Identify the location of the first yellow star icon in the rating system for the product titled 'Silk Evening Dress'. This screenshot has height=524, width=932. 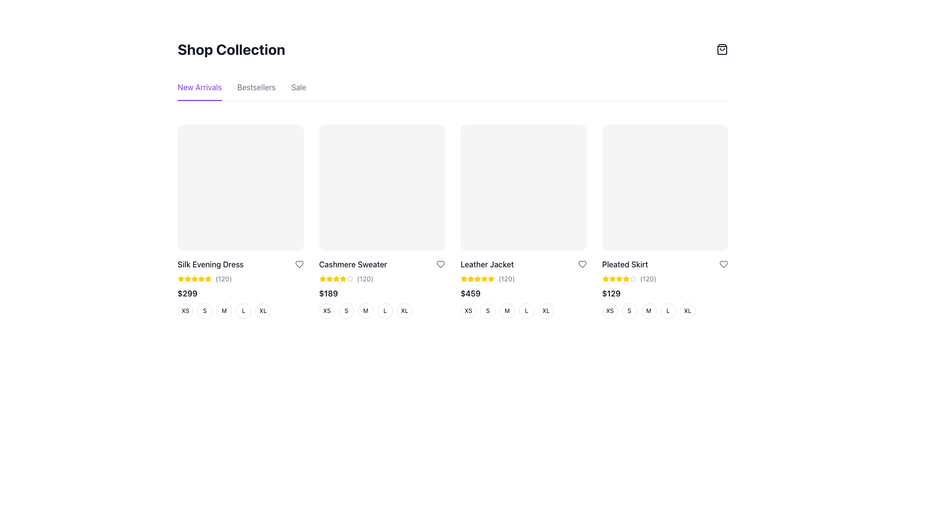
(181, 278).